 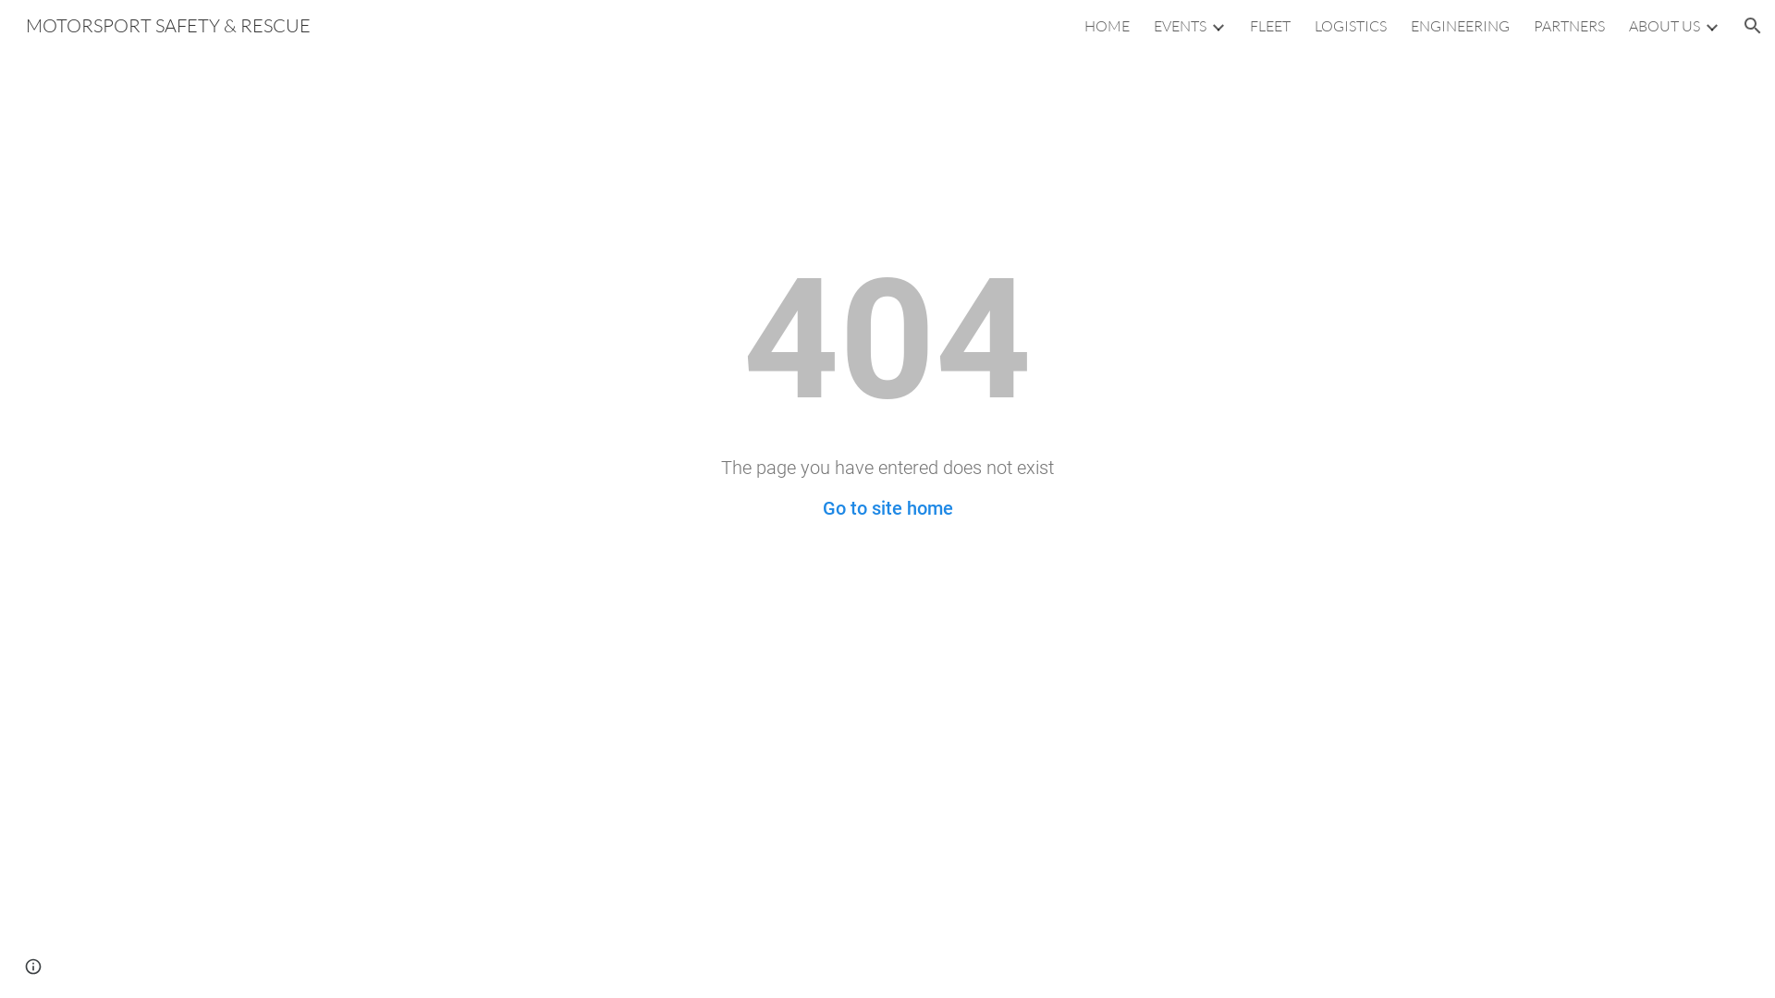 I want to click on 'LOGISTICS', so click(x=1313, y=25).